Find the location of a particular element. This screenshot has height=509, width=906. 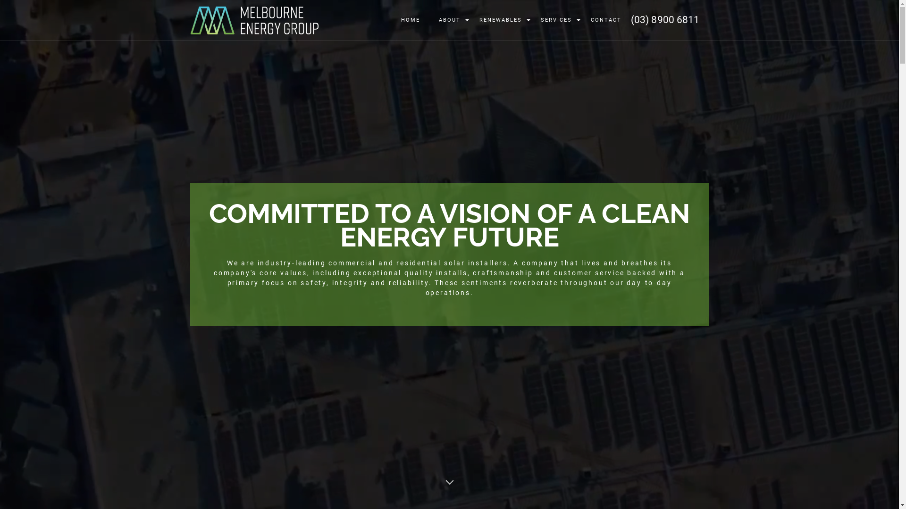

'CONTACT' is located at coordinates (606, 20).